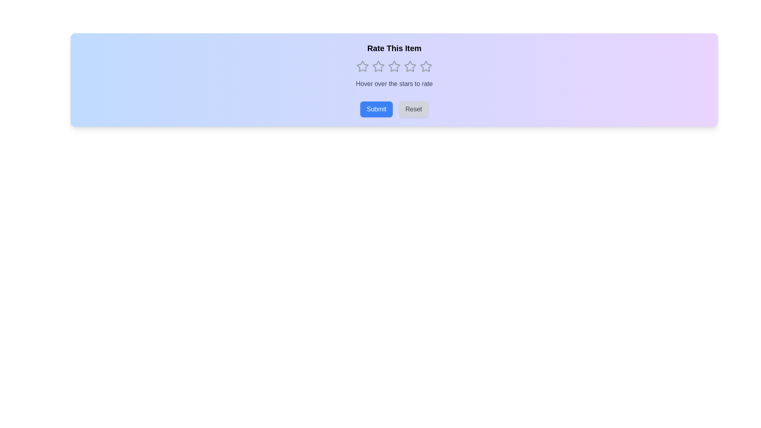  What do you see at coordinates (426, 66) in the screenshot?
I see `the fifth star-shaped vector icon, which is part of a horizontal row of five stars in a rating system` at bounding box center [426, 66].